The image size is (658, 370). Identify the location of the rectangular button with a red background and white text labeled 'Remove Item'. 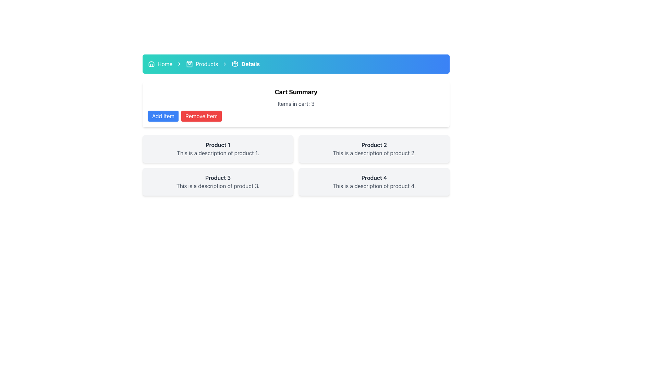
(201, 116).